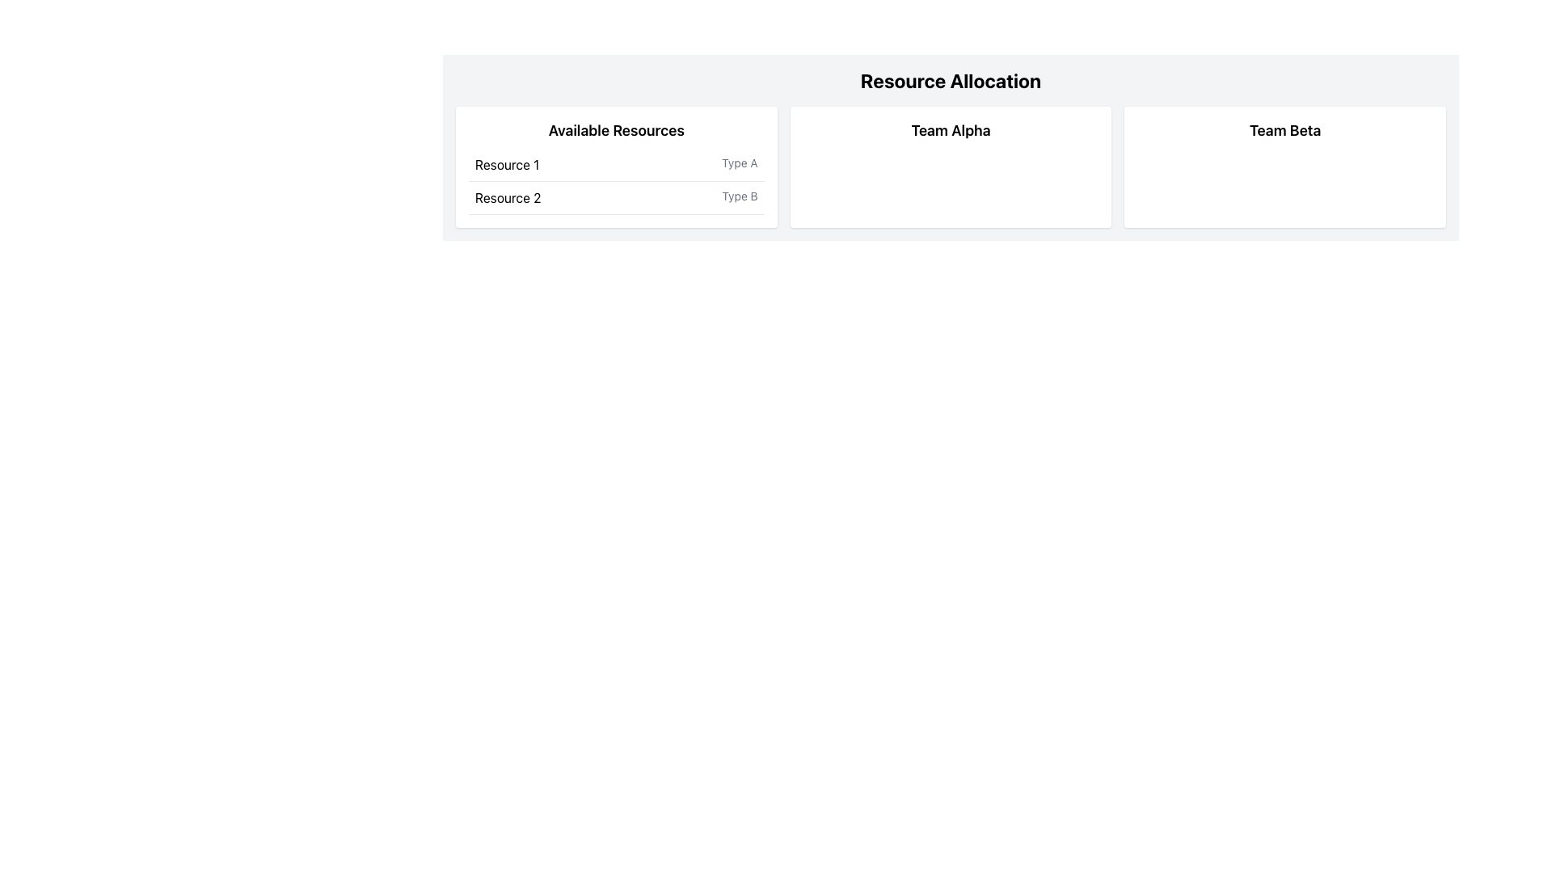 The width and height of the screenshot is (1552, 873). Describe the element at coordinates (506, 165) in the screenshot. I see `the 'Resource 1' text label in the 'Available Resources' list` at that location.